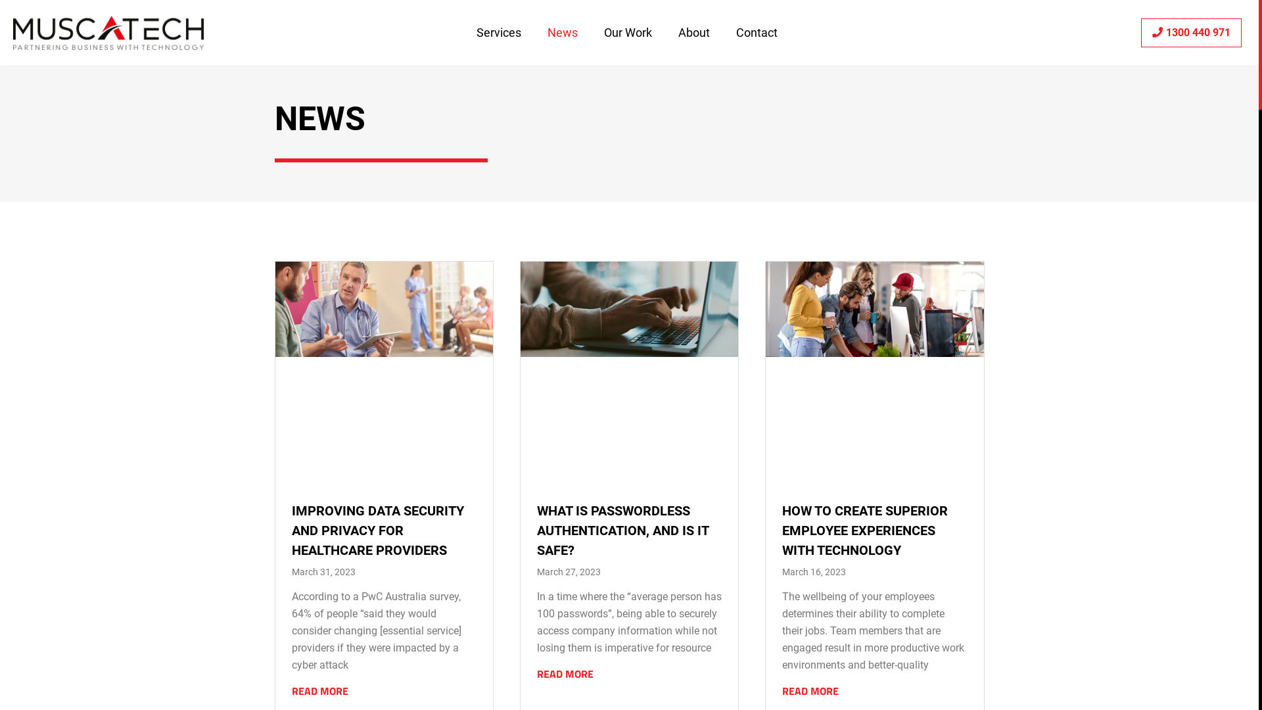 This screenshot has width=1262, height=710. What do you see at coordinates (565, 674) in the screenshot?
I see `'READ MORE'` at bounding box center [565, 674].